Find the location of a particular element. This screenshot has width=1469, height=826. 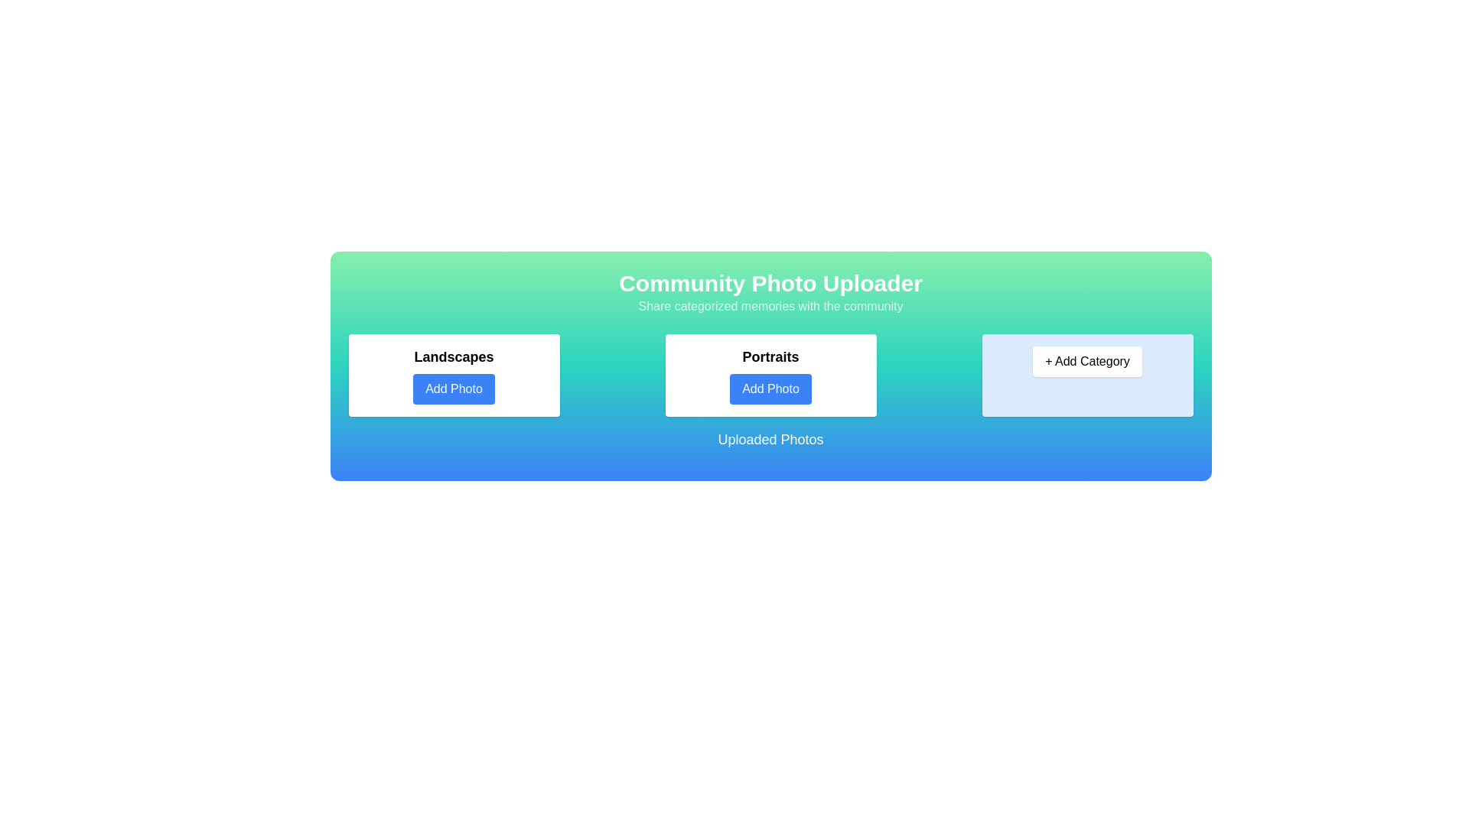

the 'Add New Category' button located to the far right of the horizontal group of buttons under the title 'Community Photo Uploader' to initiate the addition of a new category is located at coordinates (1086, 375).